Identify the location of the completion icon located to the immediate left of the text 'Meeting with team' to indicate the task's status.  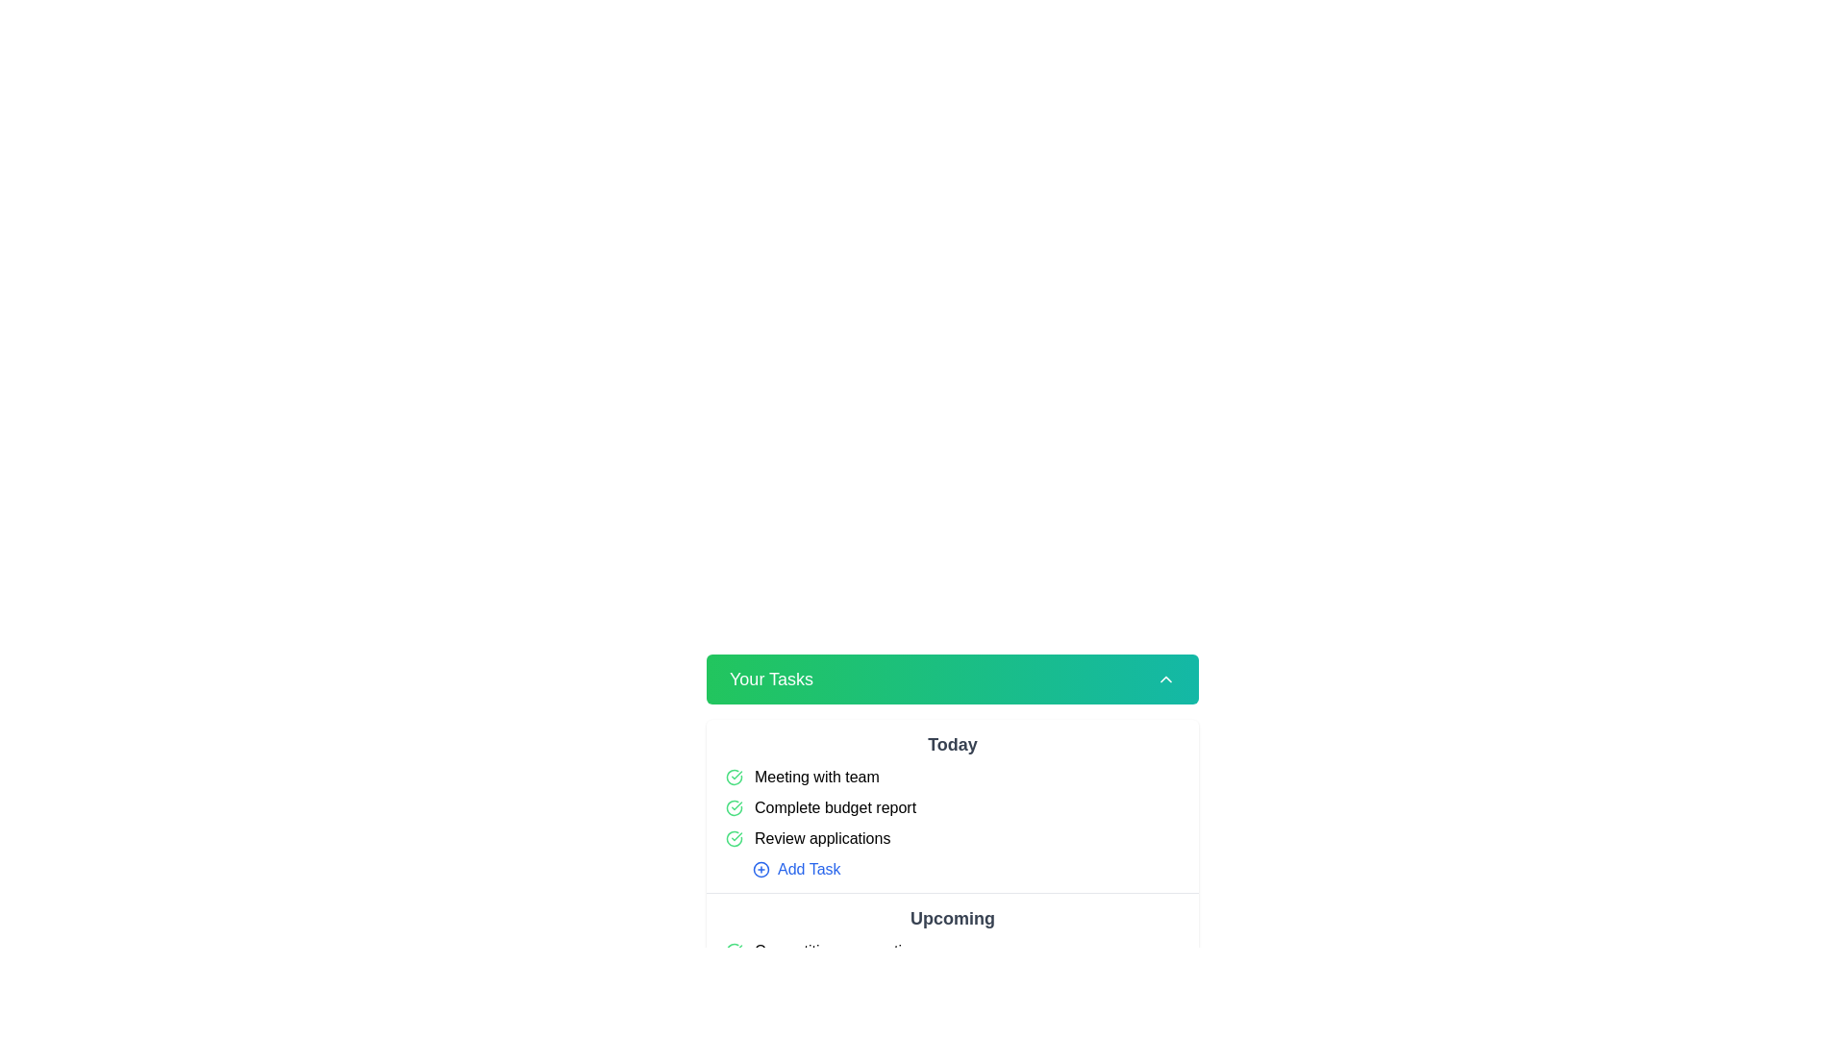
(733, 777).